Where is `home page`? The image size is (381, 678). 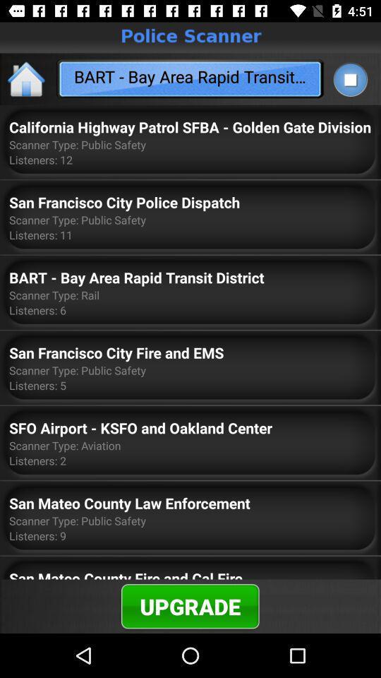
home page is located at coordinates (27, 78).